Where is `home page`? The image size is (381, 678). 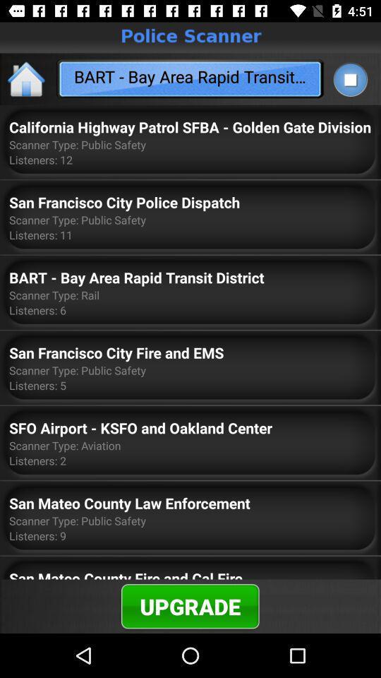
home page is located at coordinates (27, 78).